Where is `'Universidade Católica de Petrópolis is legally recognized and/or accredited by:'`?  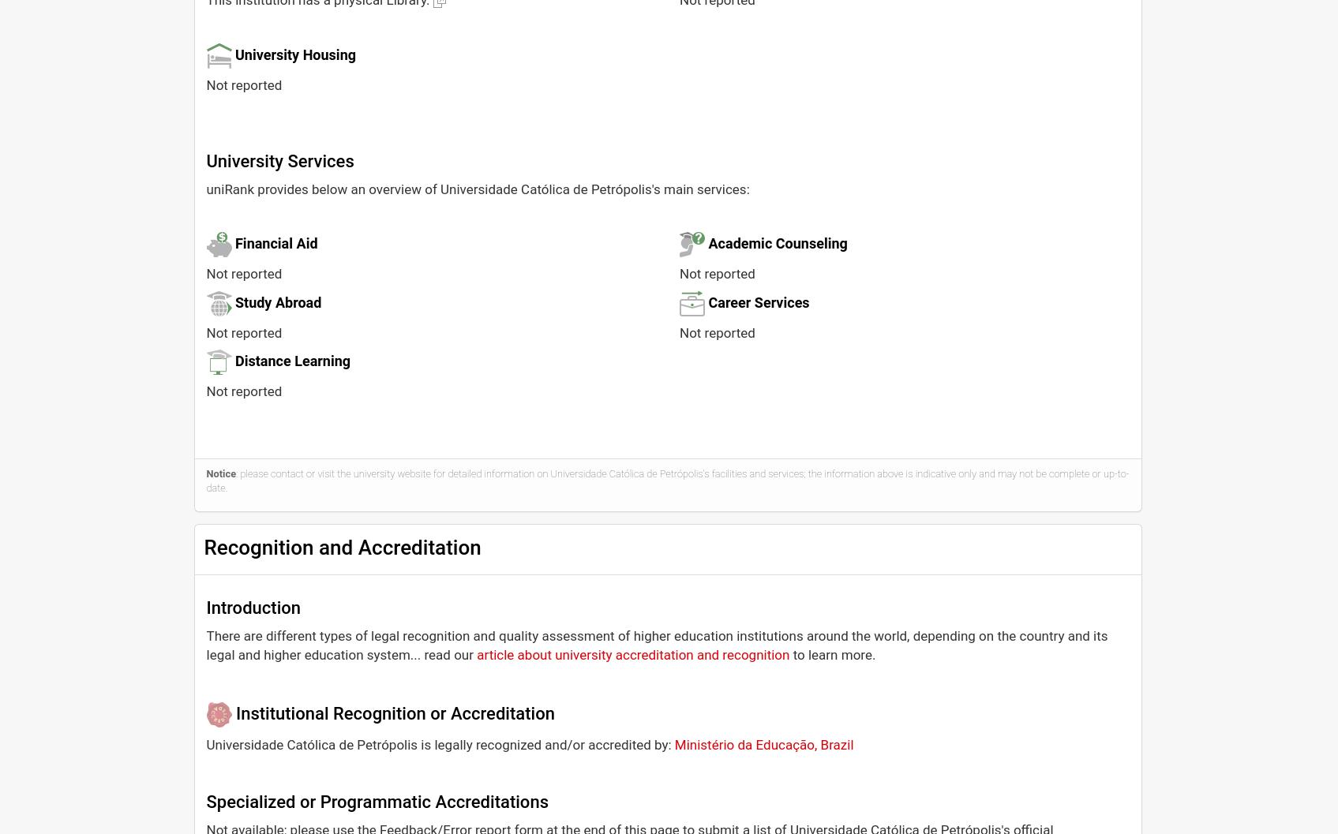
'Universidade Católica de Petrópolis is legally recognized and/or accredited by:' is located at coordinates (440, 745).